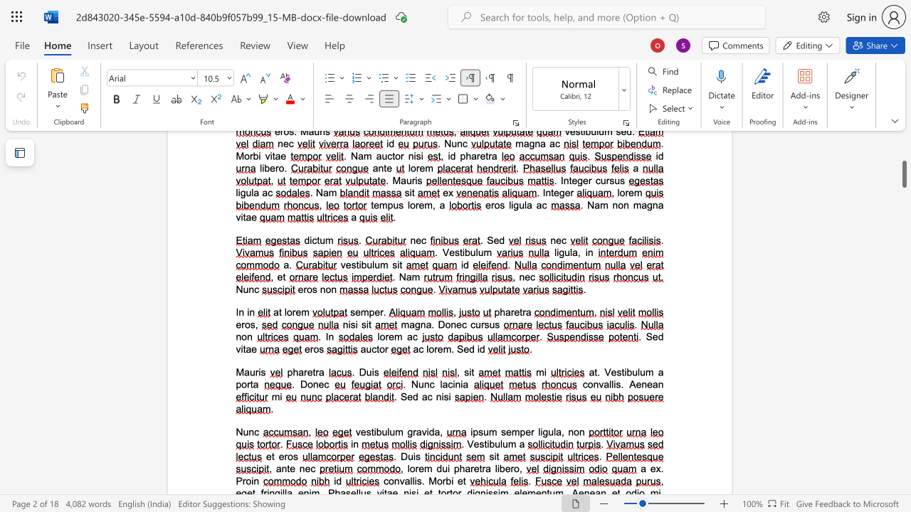 The width and height of the screenshot is (911, 512). Describe the element at coordinates (597, 371) in the screenshot. I see `the space between the continuous character "t" and "." in the text` at that location.